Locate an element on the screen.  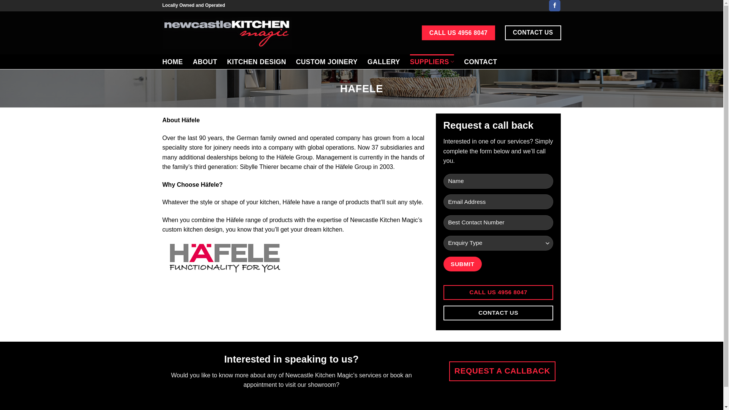
'CUSTOM JOINERY' is located at coordinates (326, 61).